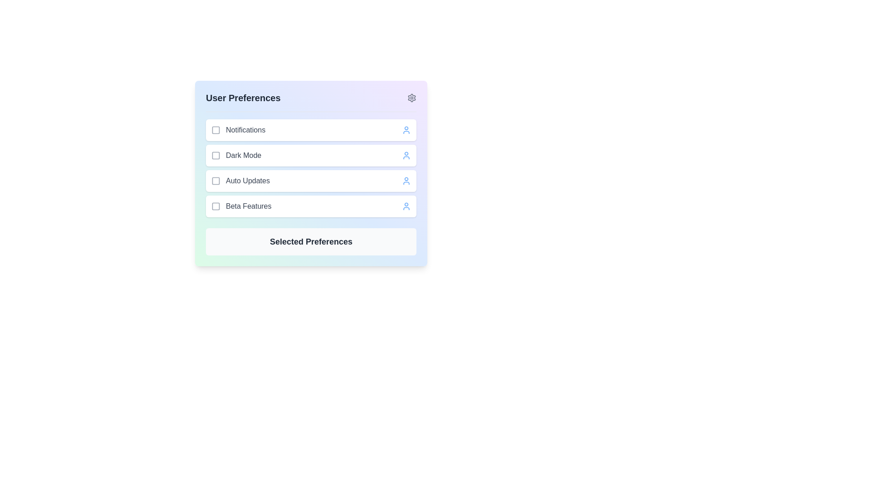 The height and width of the screenshot is (490, 871). I want to click on the selectable option for Dark Mode located in the 'User Preferences' section, which is in the second row of the list, so click(311, 155).